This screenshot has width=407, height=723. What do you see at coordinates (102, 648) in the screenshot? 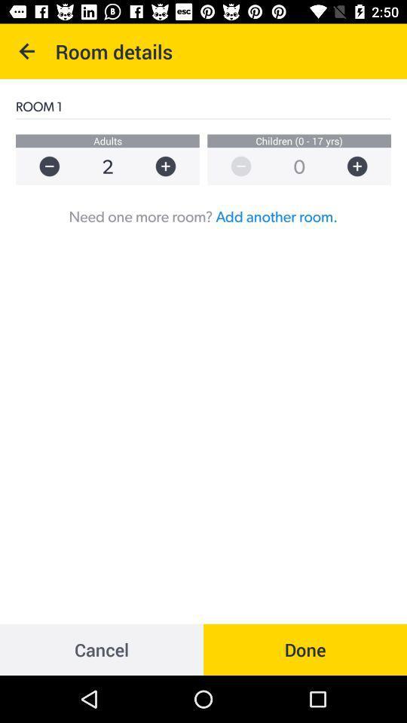
I see `cancel at the bottom left corner` at bounding box center [102, 648].